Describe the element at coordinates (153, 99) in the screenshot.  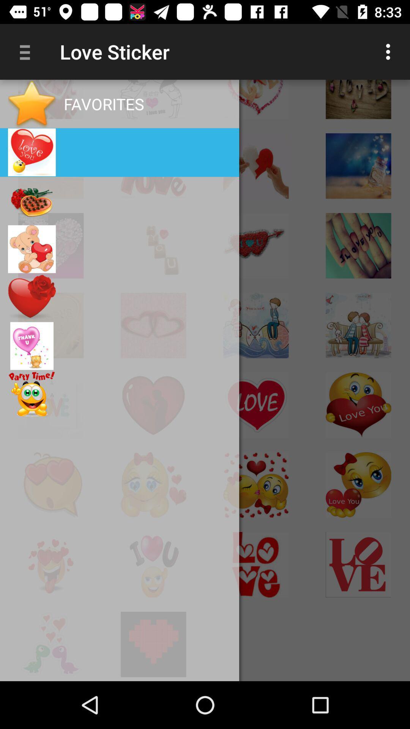
I see `the third image from the first right` at that location.